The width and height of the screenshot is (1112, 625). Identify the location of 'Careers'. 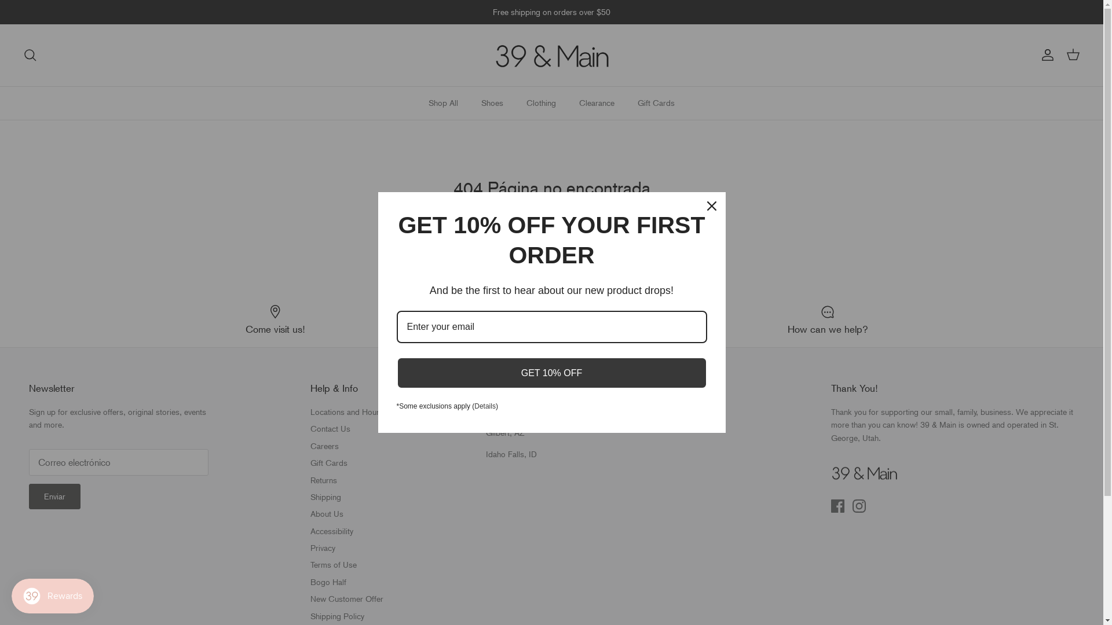
(310, 446).